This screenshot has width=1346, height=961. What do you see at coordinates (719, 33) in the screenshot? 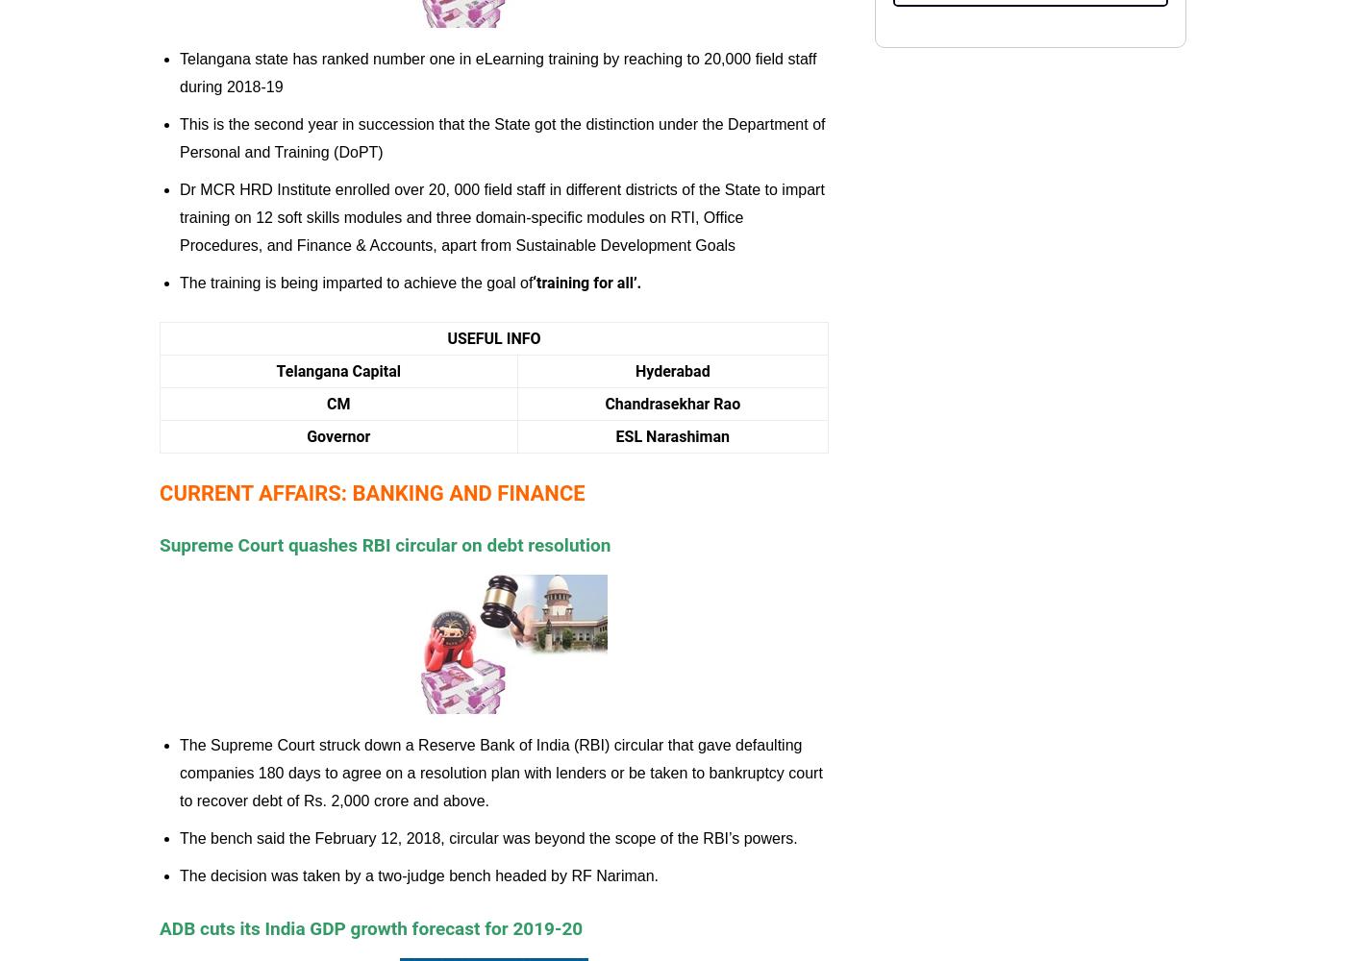
I see `'SBI PO'` at bounding box center [719, 33].